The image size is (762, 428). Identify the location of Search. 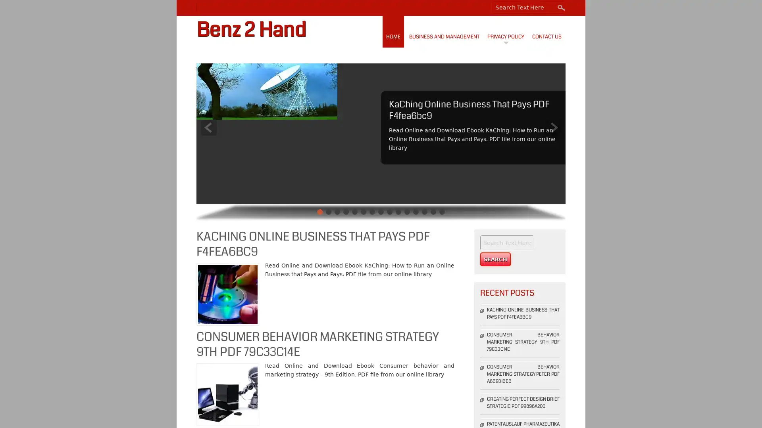
(495, 259).